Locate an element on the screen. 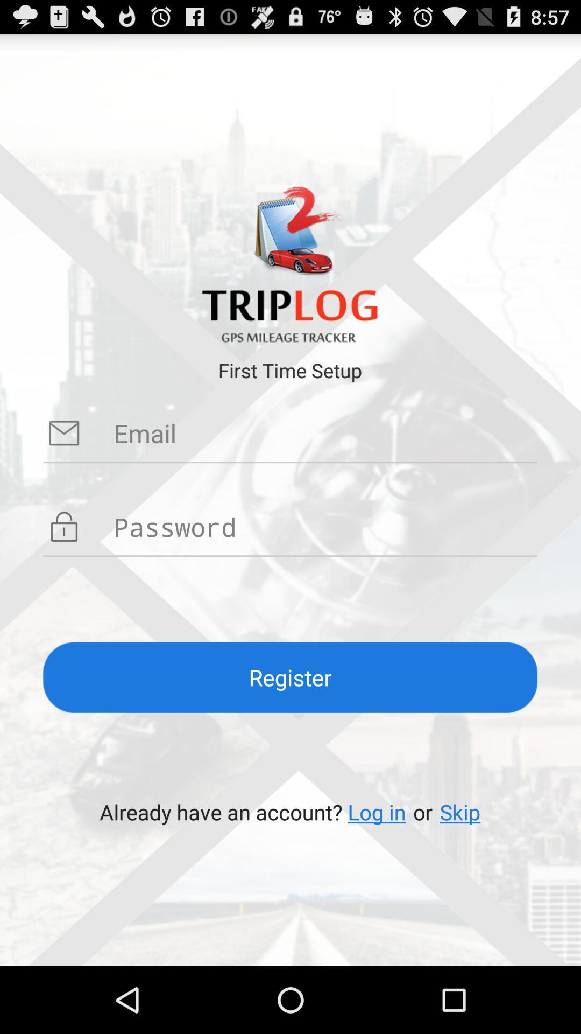  log in is located at coordinates (376, 812).